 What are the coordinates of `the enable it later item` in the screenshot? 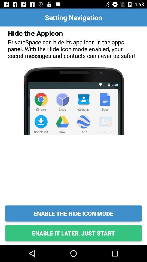 It's located at (73, 233).